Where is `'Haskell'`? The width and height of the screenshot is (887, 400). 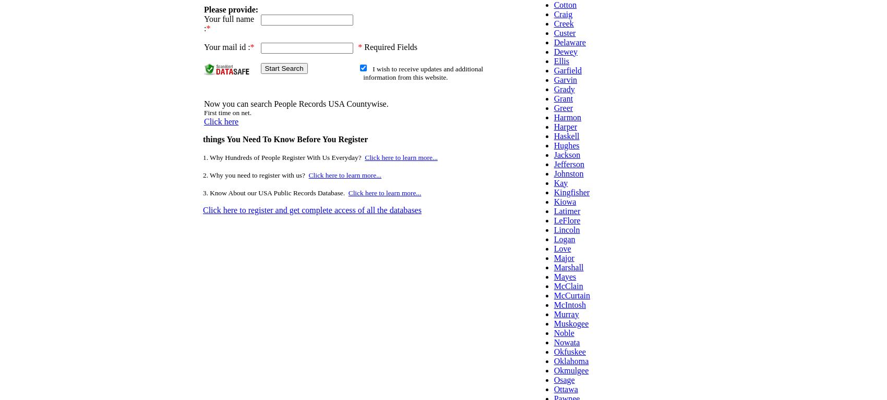 'Haskell' is located at coordinates (566, 135).